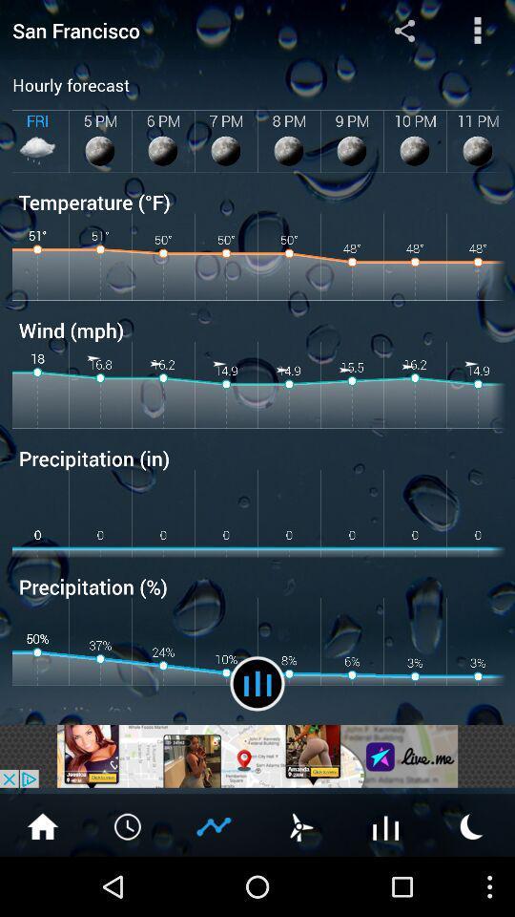  Describe the element at coordinates (257, 683) in the screenshot. I see `change forecast view` at that location.